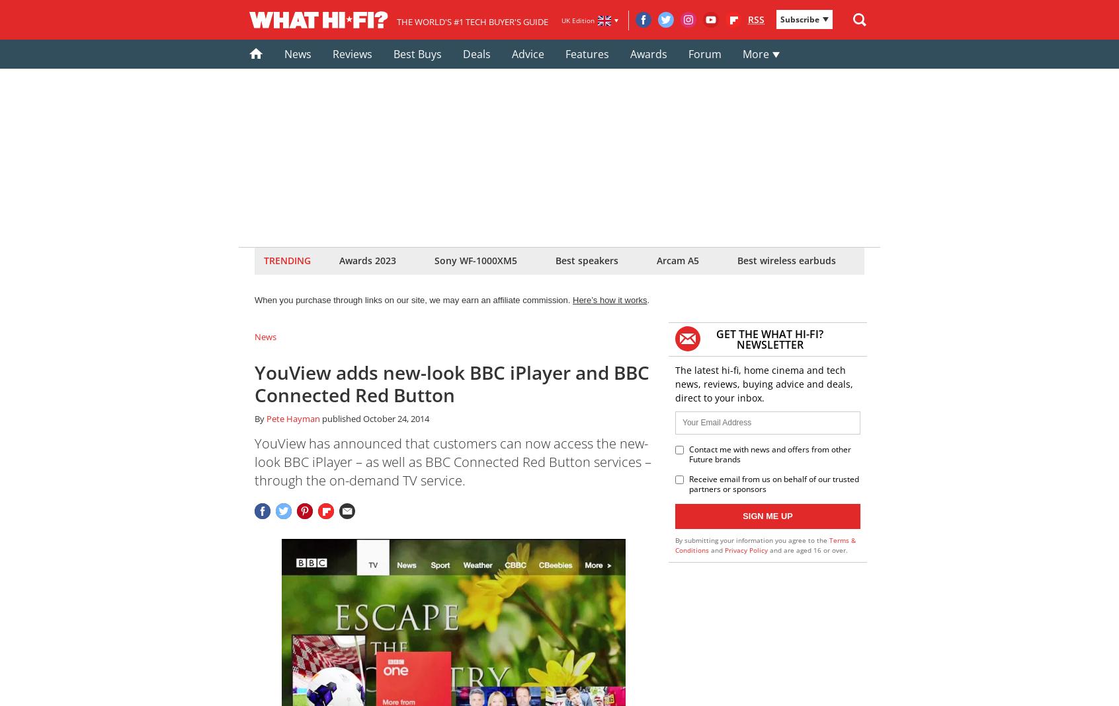 The height and width of the screenshot is (706, 1119). Describe the element at coordinates (808, 549) in the screenshot. I see `'and are aged 16 or over.'` at that location.